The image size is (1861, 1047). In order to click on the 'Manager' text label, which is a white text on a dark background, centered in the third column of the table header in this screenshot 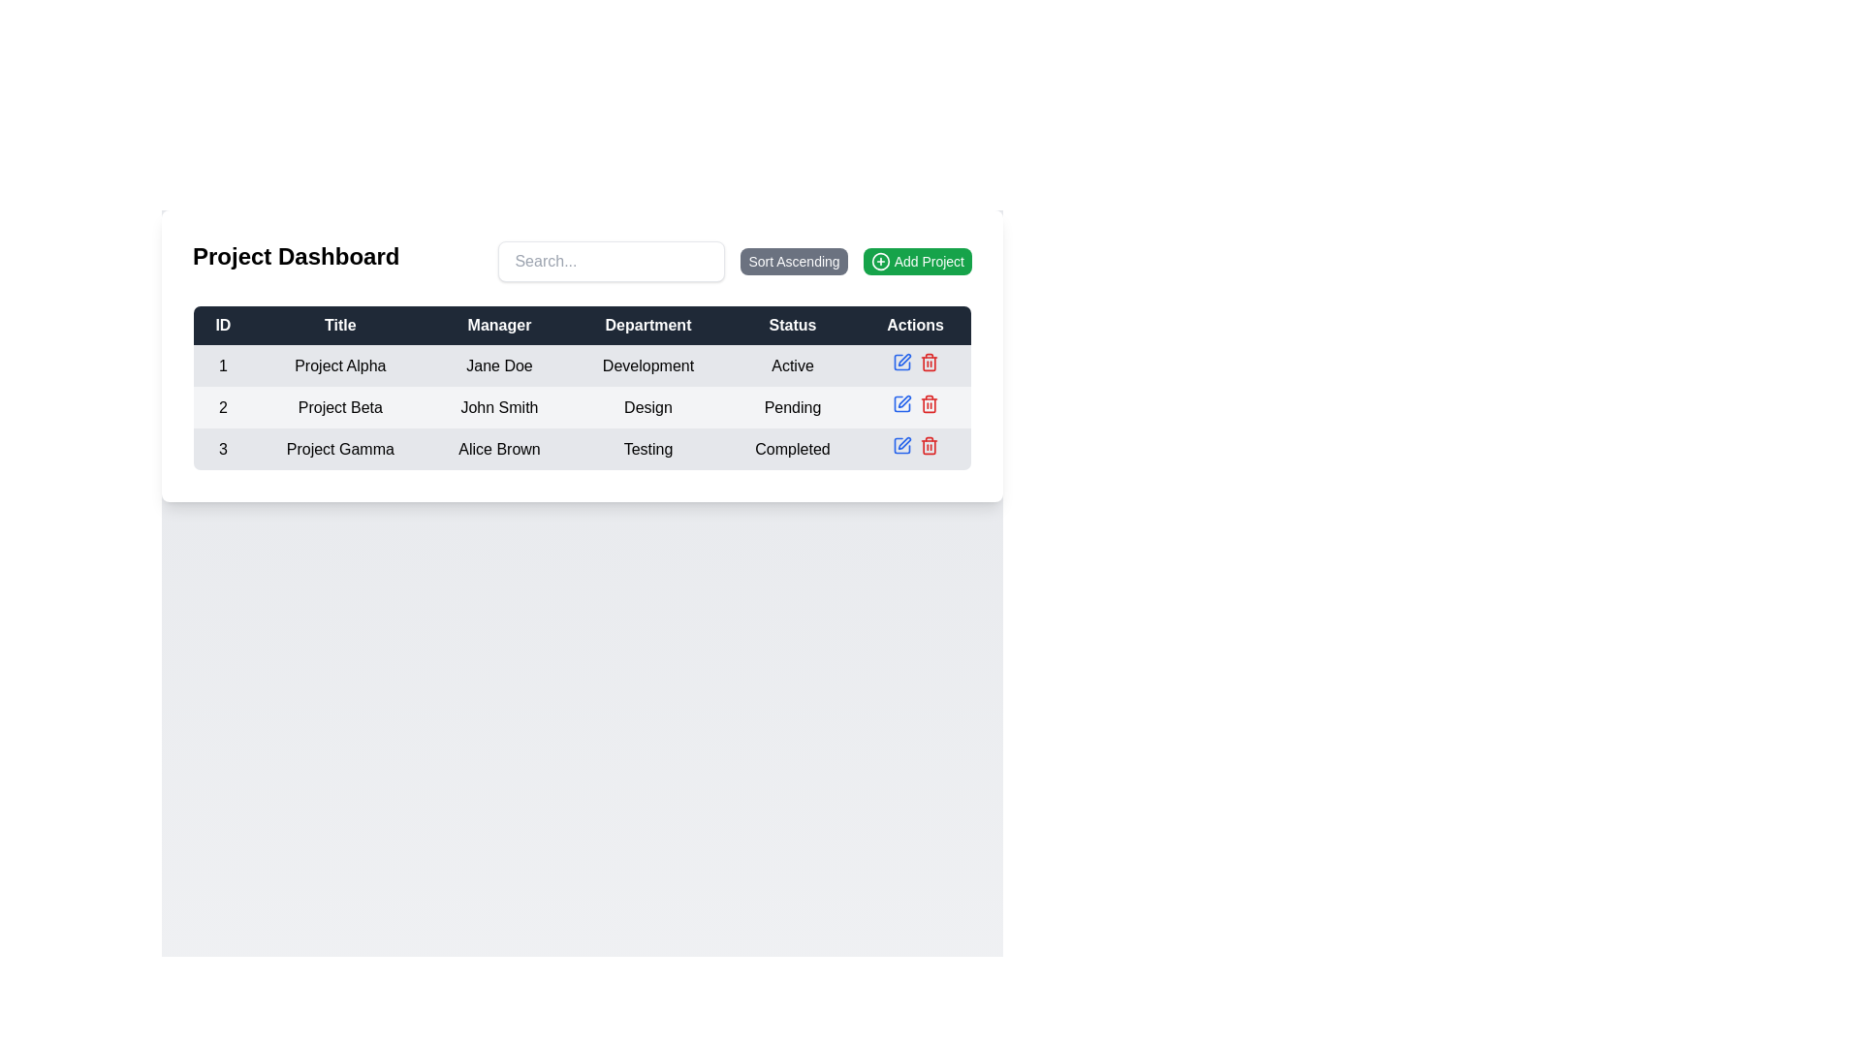, I will do `click(499, 324)`.